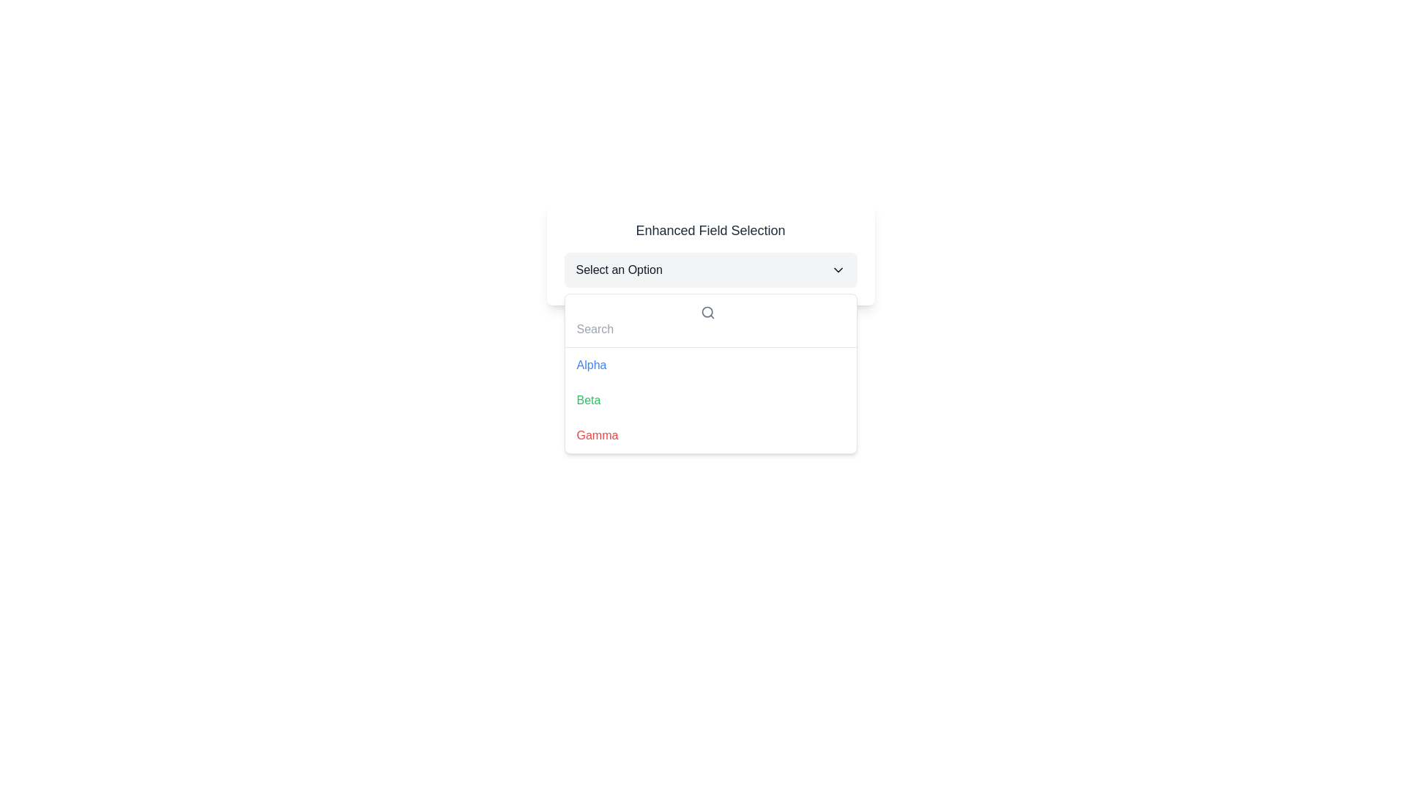 The height and width of the screenshot is (791, 1406). What do you see at coordinates (838, 270) in the screenshot?
I see `the dropdown menu icon located to the far right of the text 'Select an Option', which serves as a visual indicator for revealing more options` at bounding box center [838, 270].